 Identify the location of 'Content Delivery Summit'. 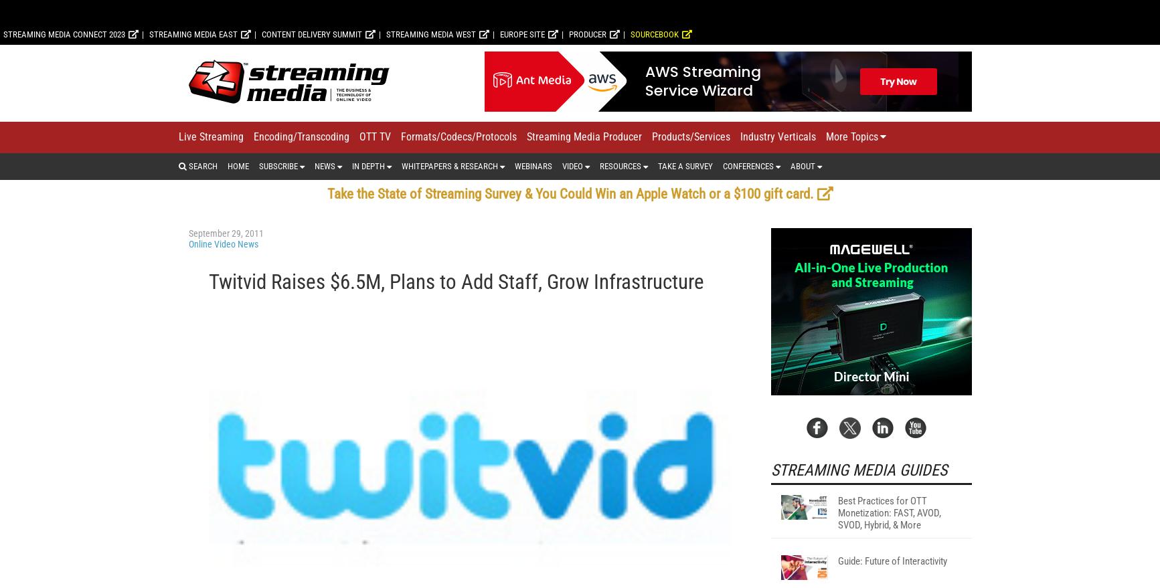
(260, 209).